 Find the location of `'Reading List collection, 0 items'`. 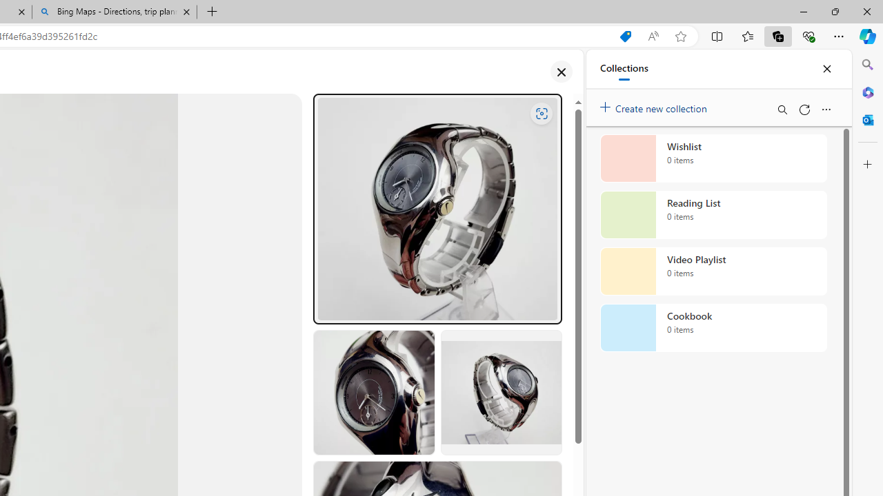

'Reading List collection, 0 items' is located at coordinates (713, 215).